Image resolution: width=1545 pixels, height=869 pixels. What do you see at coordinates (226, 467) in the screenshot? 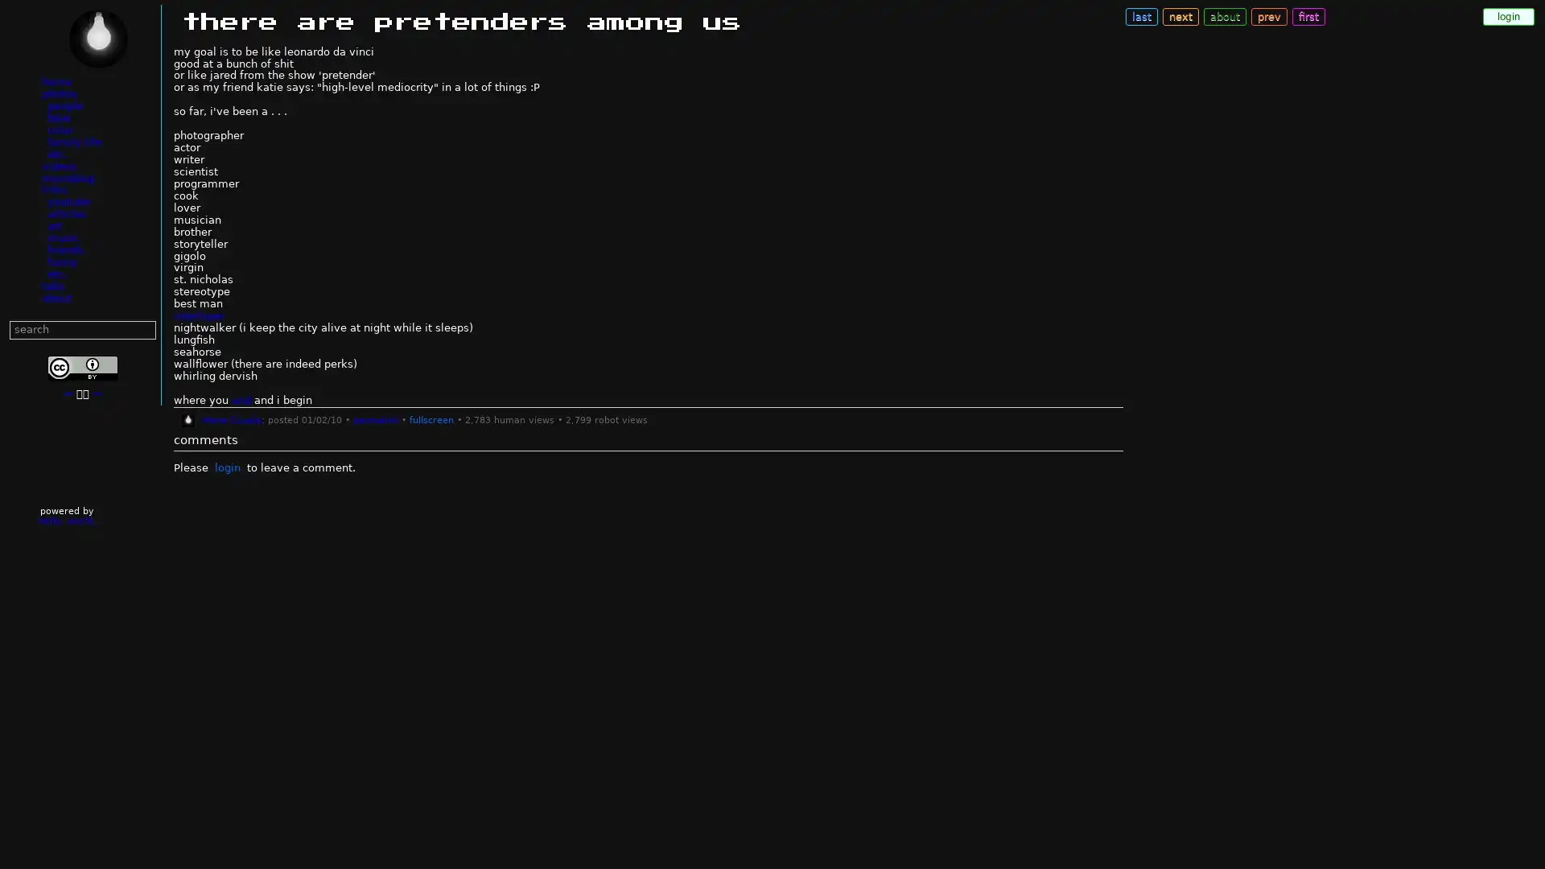
I see `login` at bounding box center [226, 467].